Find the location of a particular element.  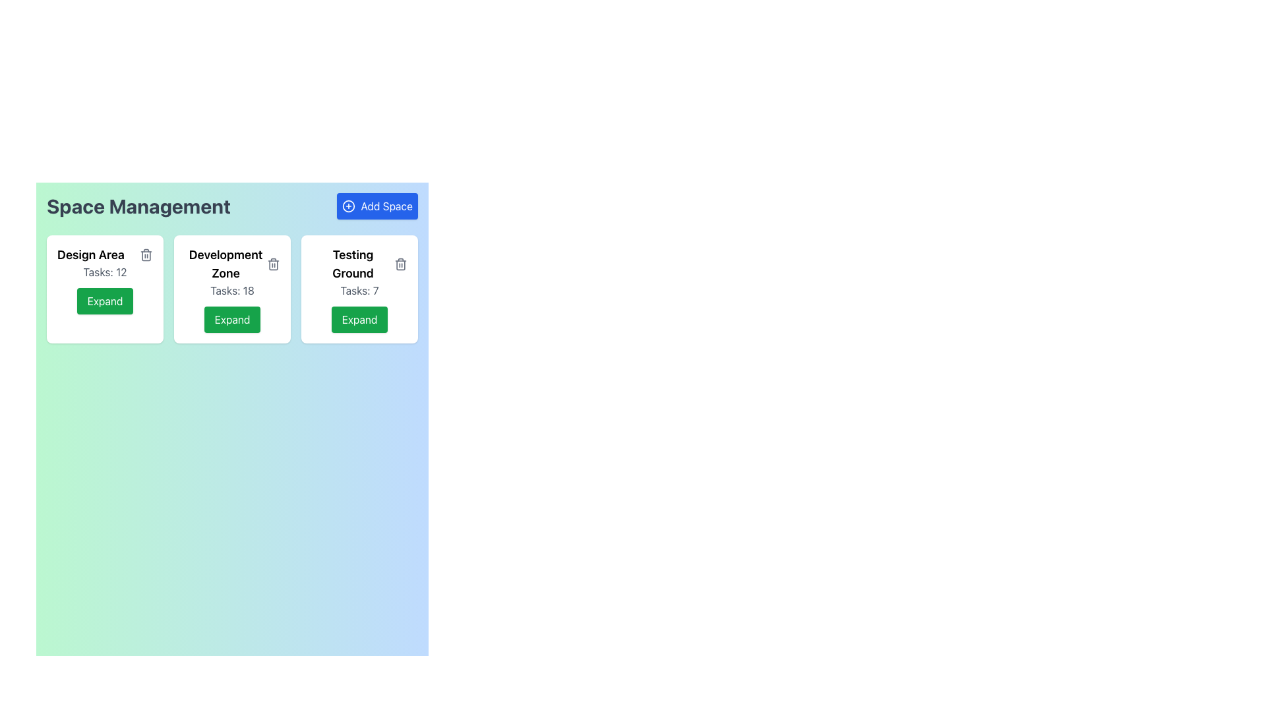

the trash icon button located in the top-right corner of the 'Testing Ground' card is located at coordinates (400, 264).